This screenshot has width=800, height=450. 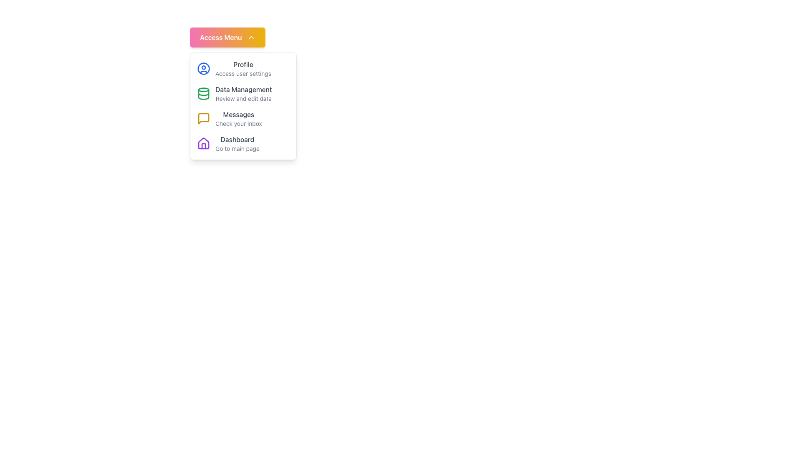 I want to click on text content of the 'Data Management' label, which is styled in a medium-weight gray font and is the first line of text in the menu options, so click(x=243, y=90).